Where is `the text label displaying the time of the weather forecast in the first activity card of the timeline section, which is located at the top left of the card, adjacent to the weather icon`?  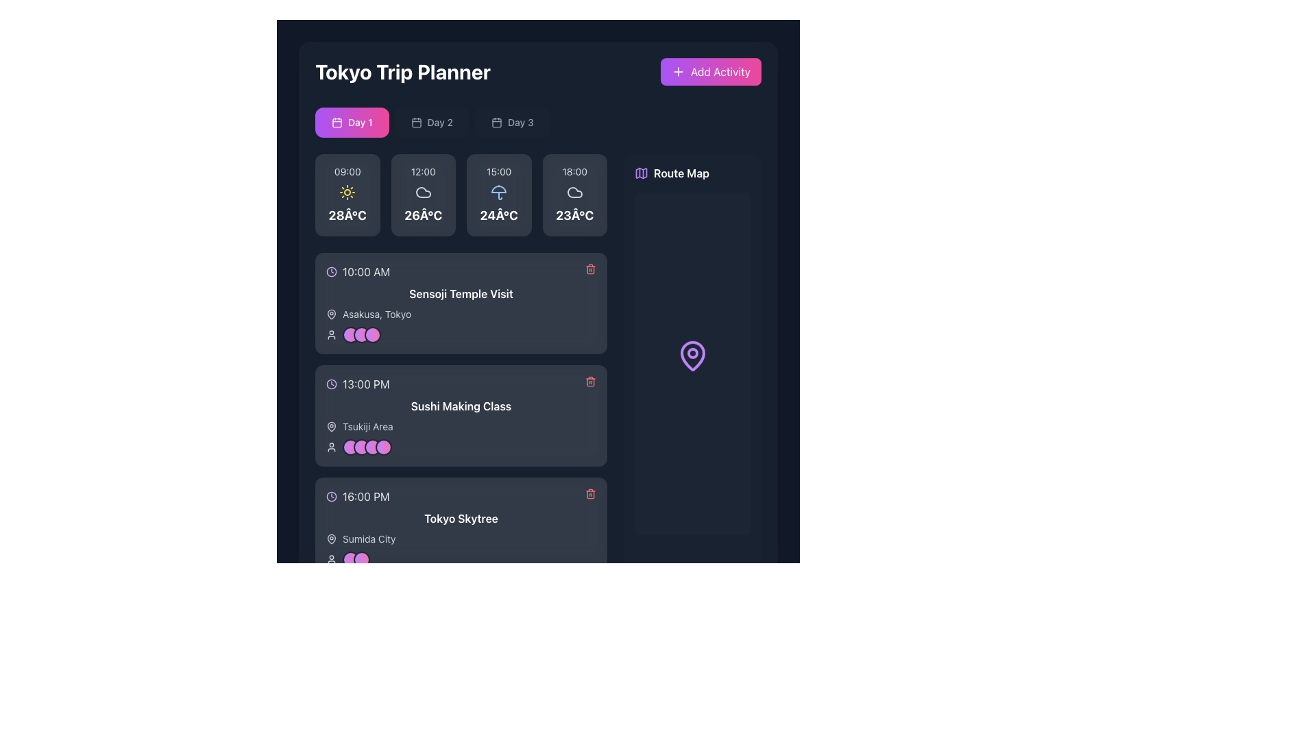 the text label displaying the time of the weather forecast in the first activity card of the timeline section, which is located at the top left of the card, adjacent to the weather icon is located at coordinates (348, 171).